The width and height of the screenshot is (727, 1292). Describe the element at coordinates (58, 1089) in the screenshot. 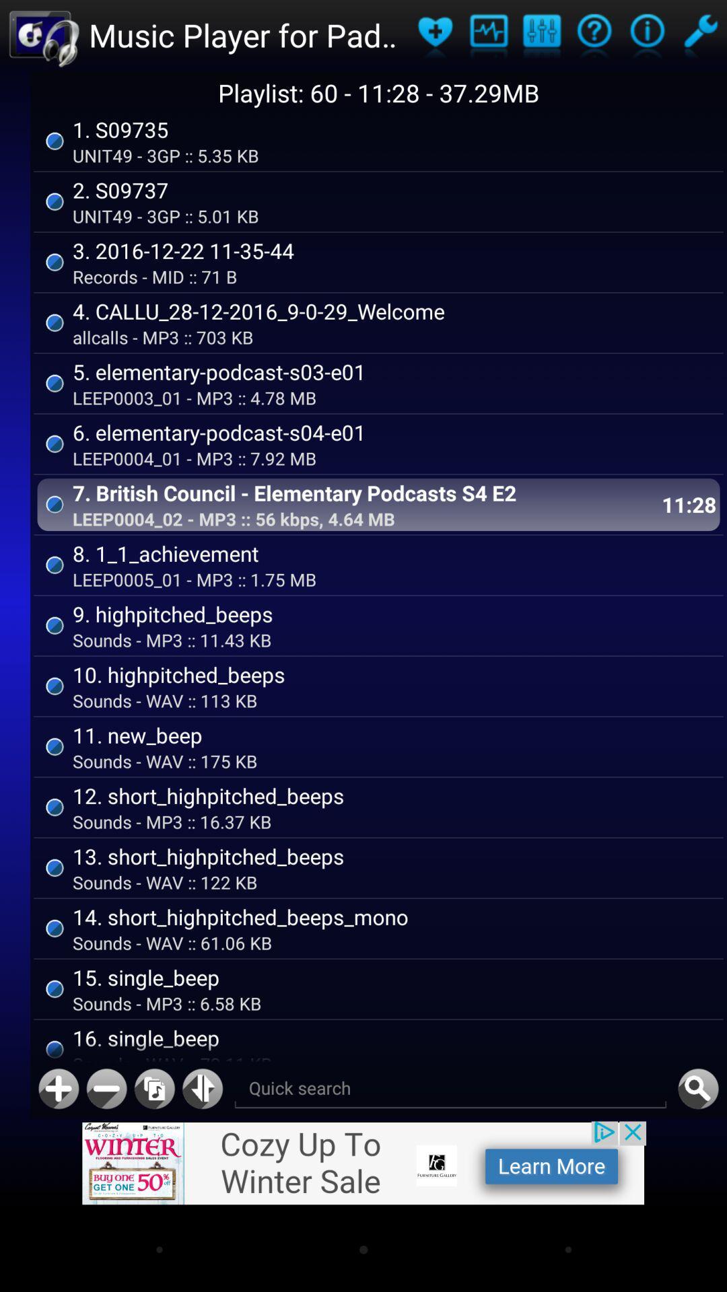

I see `increaese volume` at that location.